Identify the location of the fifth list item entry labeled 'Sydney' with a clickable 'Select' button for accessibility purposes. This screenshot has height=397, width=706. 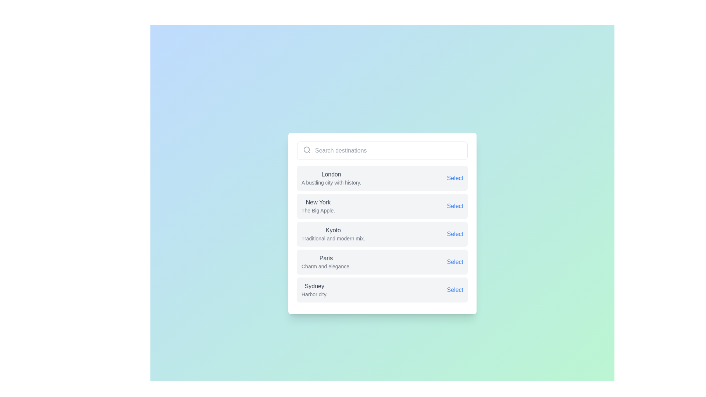
(382, 290).